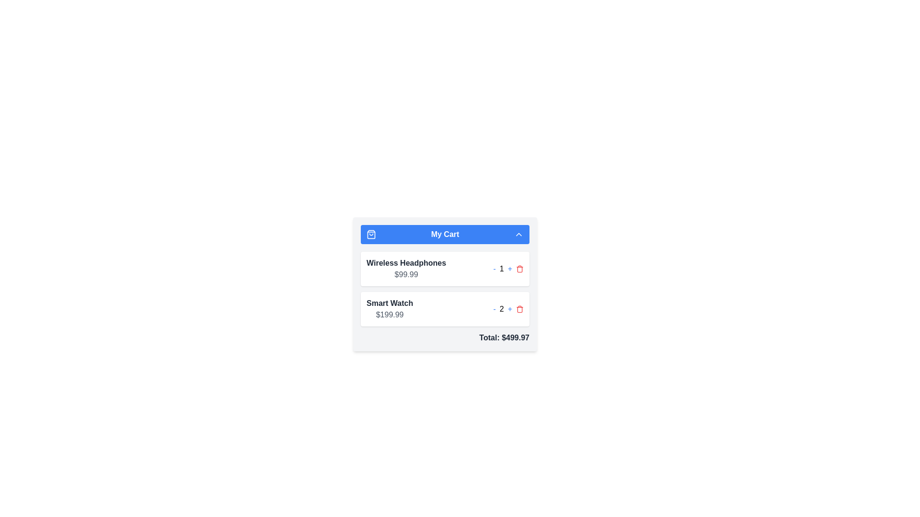  Describe the element at coordinates (501, 309) in the screenshot. I see `the numeric character '2' displayed` at that location.